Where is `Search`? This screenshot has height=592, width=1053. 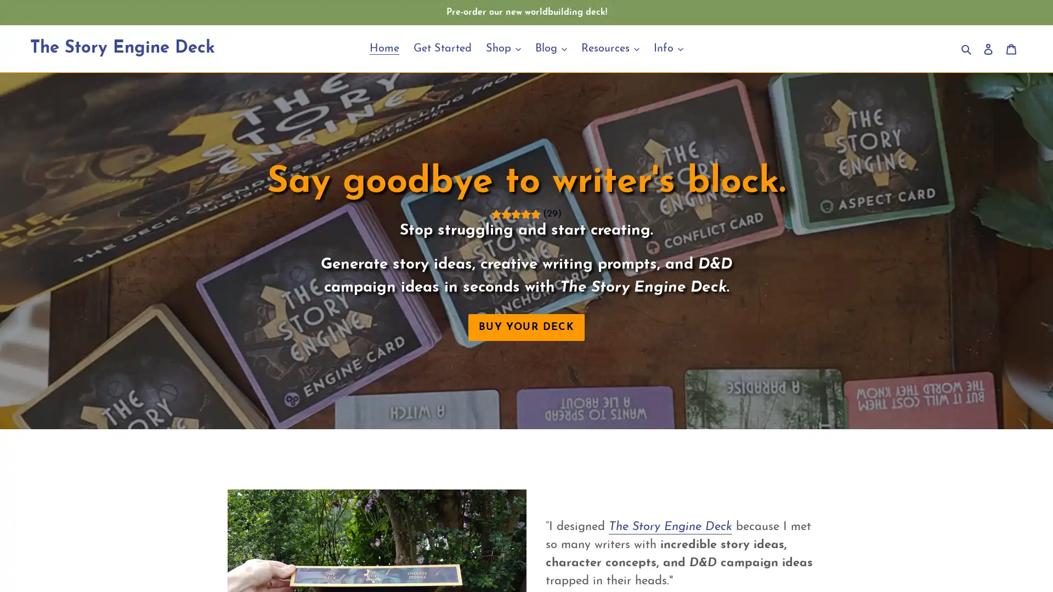 Search is located at coordinates (967, 48).